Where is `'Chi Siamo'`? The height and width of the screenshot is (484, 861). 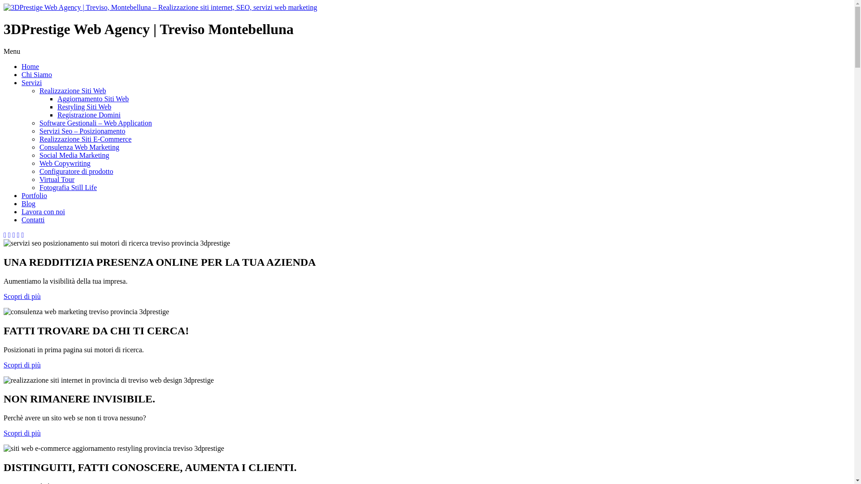
'Chi Siamo' is located at coordinates (36, 74).